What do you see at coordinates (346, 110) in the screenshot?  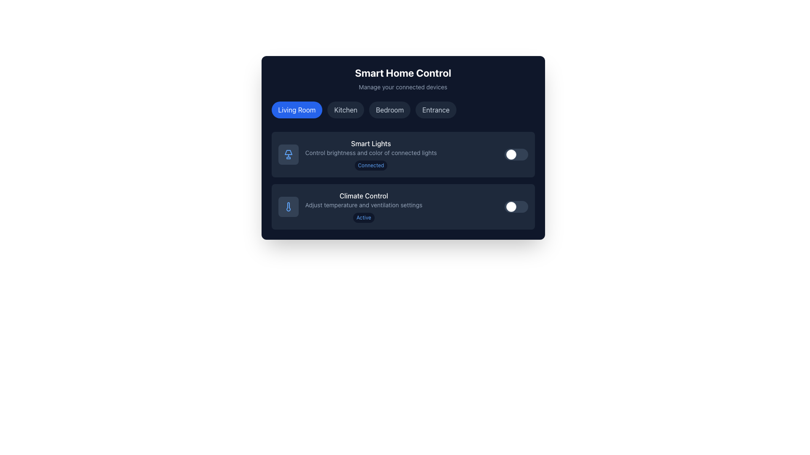 I see `the second tab button labeled 'Kitchen' in the smart home interface, located between 'Living Room' and 'Bedroom'` at bounding box center [346, 110].